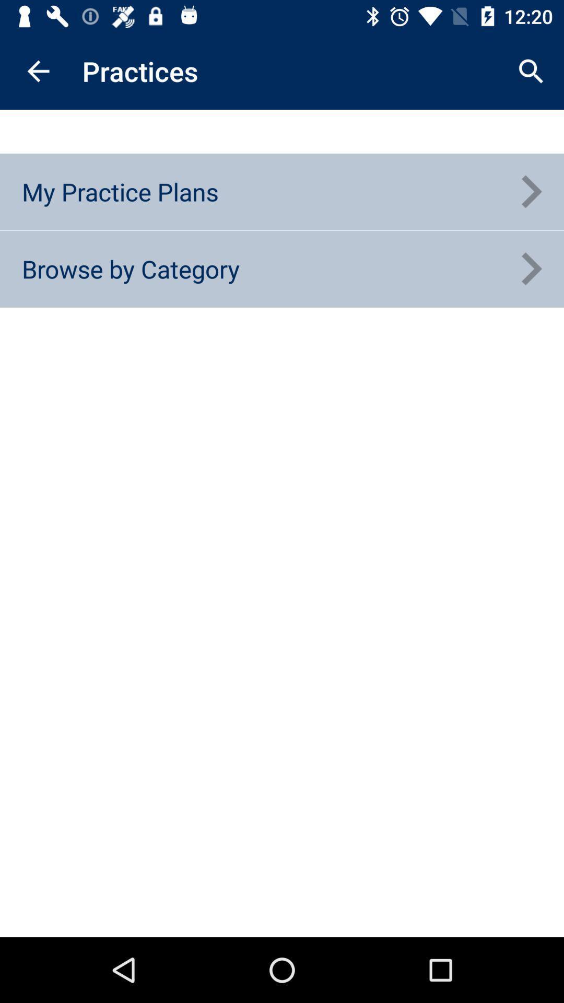 This screenshot has height=1003, width=564. I want to click on the app to the right of practices, so click(531, 71).